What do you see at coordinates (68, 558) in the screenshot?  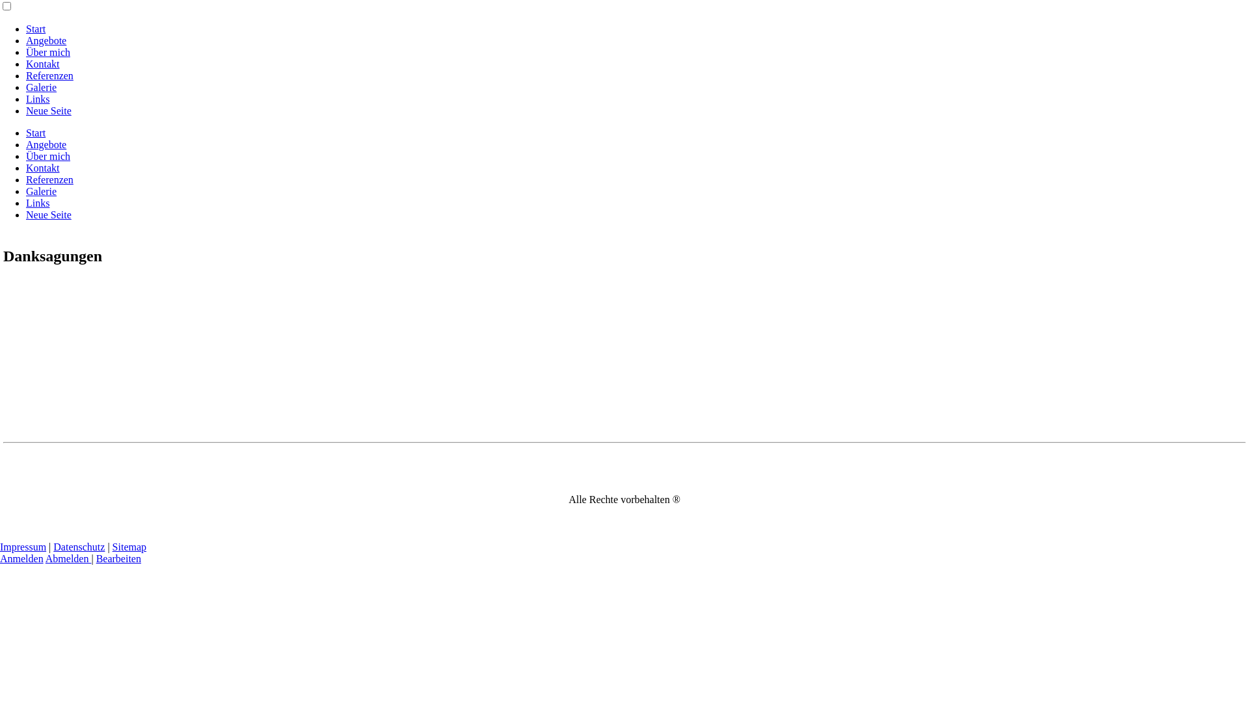 I see `'Abmelden'` at bounding box center [68, 558].